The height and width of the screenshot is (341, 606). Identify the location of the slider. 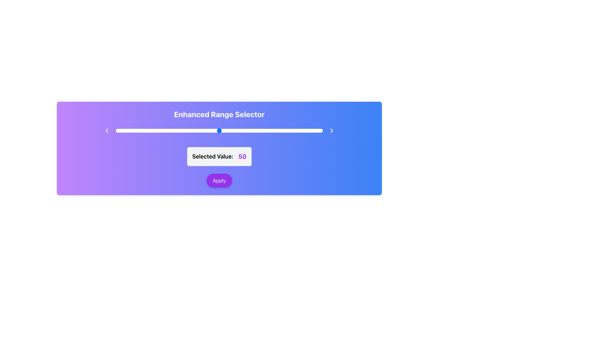
(306, 130).